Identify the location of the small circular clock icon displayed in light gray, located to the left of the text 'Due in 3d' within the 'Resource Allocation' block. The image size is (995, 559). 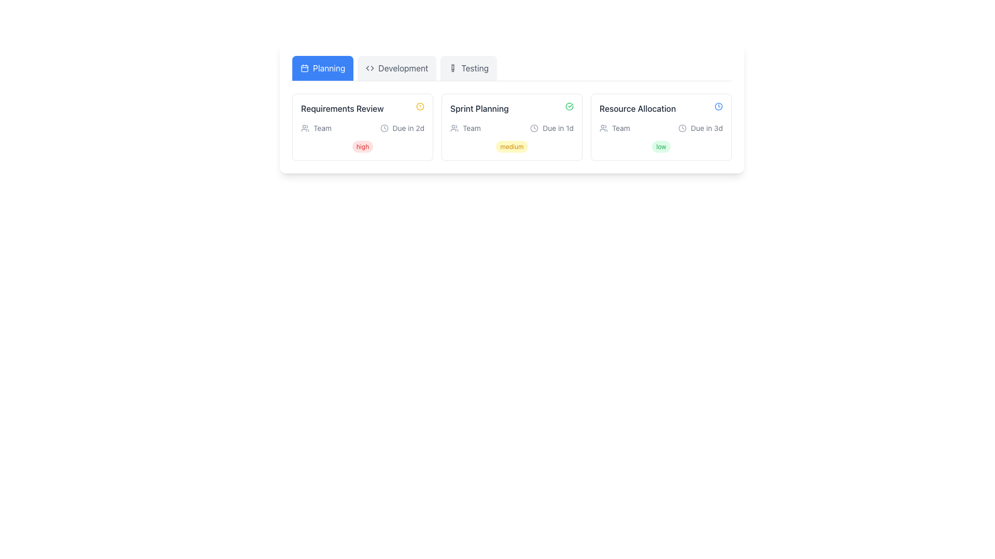
(683, 127).